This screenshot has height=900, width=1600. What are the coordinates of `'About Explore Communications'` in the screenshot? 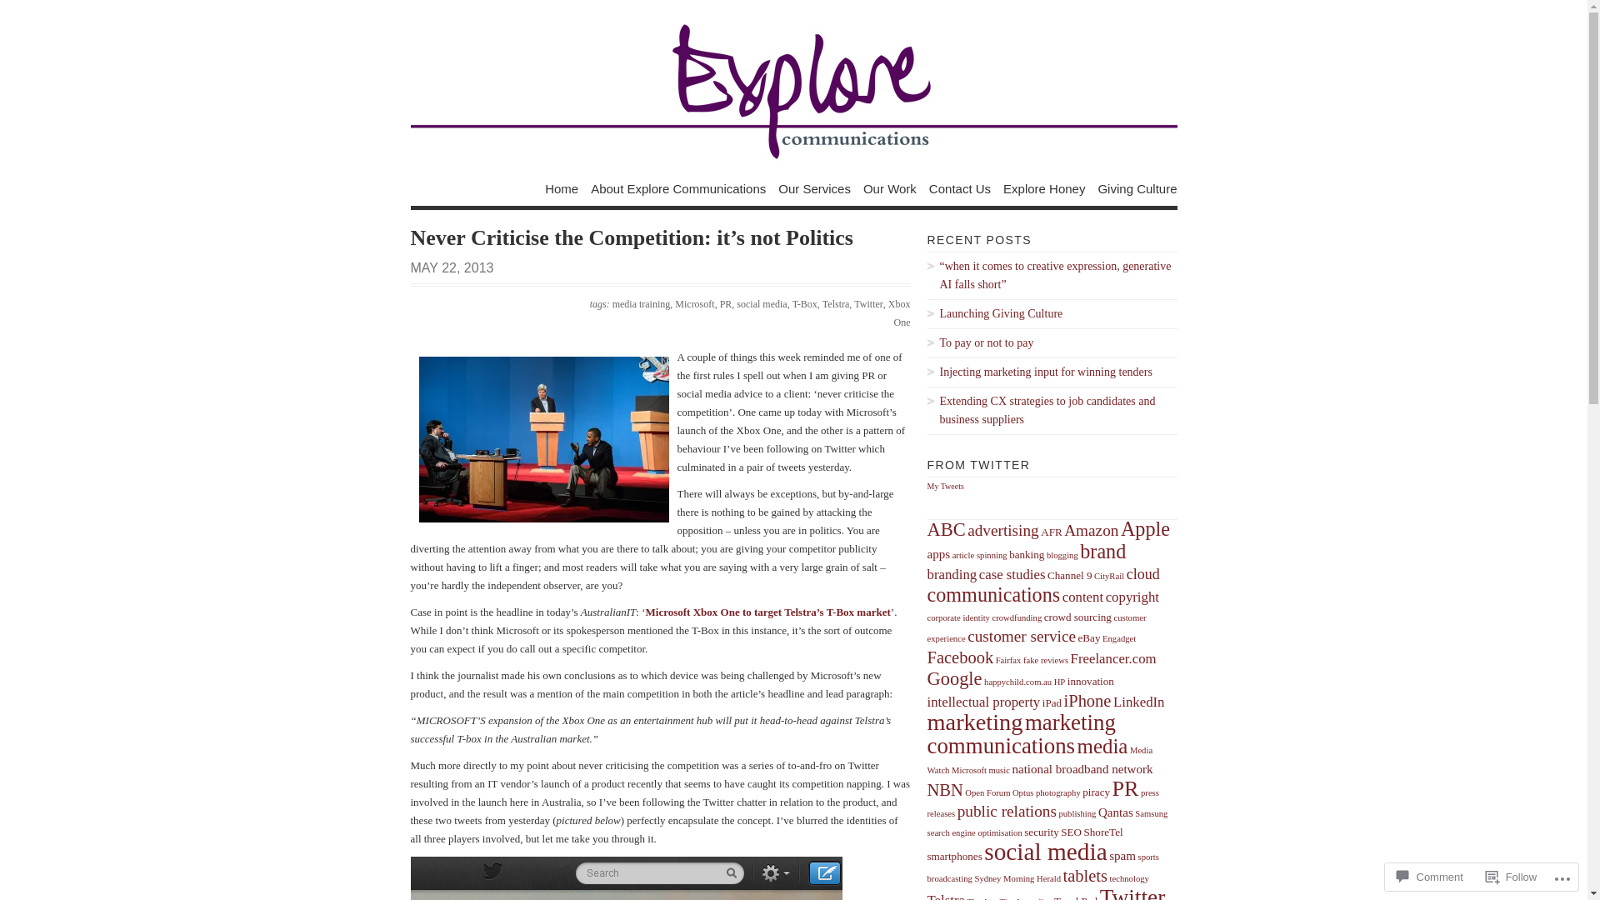 It's located at (678, 187).